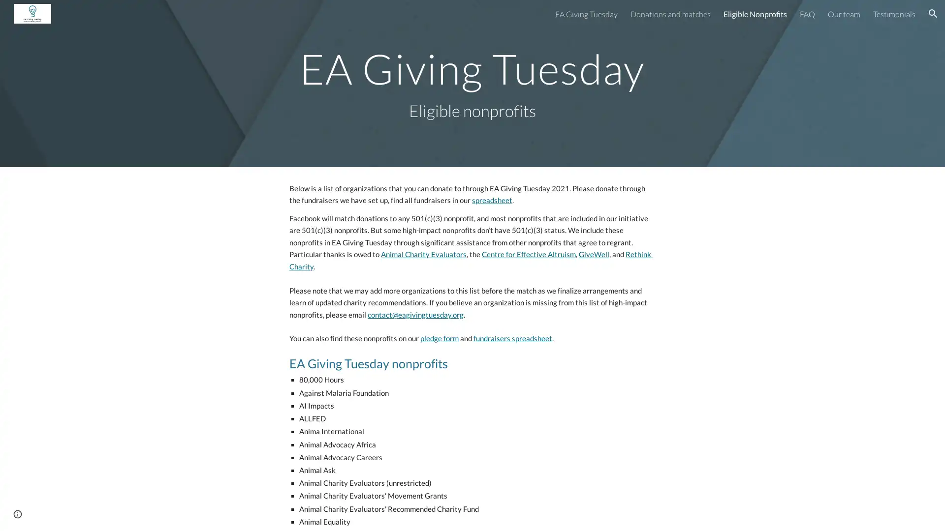  Describe the element at coordinates (48, 513) in the screenshot. I see `Report abuse` at that location.